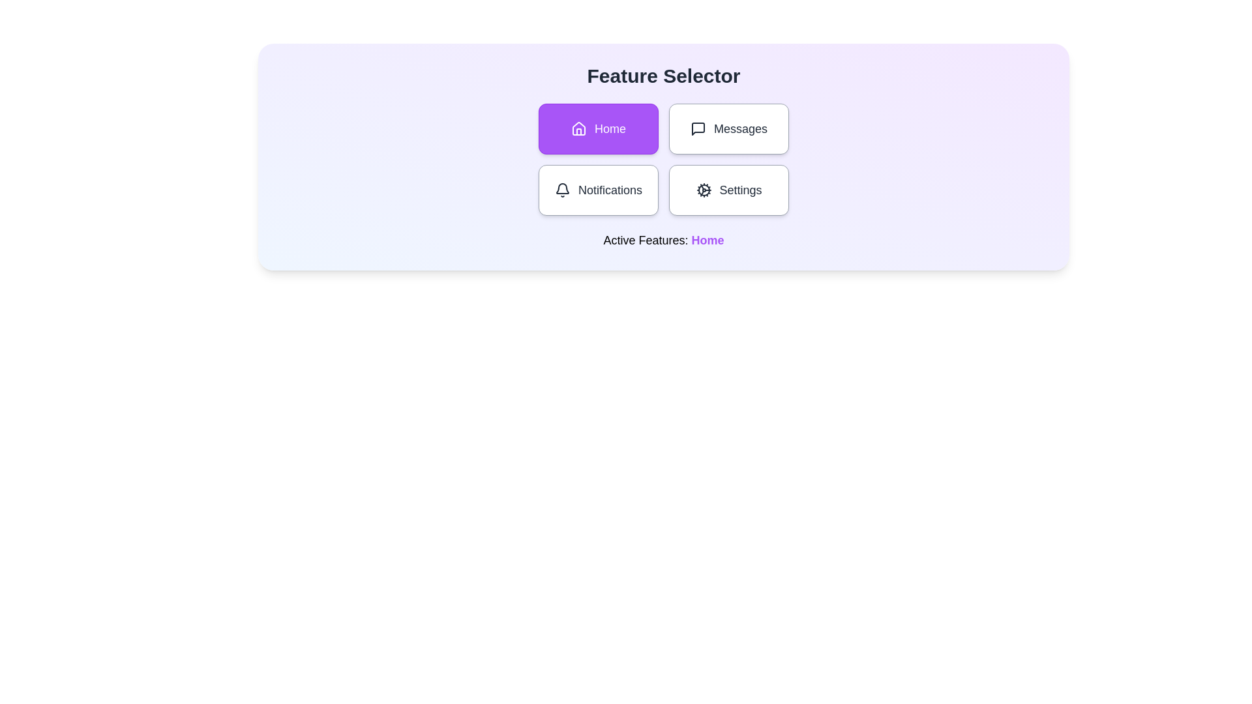 Image resolution: width=1252 pixels, height=704 pixels. Describe the element at coordinates (597, 190) in the screenshot. I see `the button located in the lower-left quadrant of the 'Feature Selector' grid, specifically the third button that activates the 'Notifications' feature` at that location.